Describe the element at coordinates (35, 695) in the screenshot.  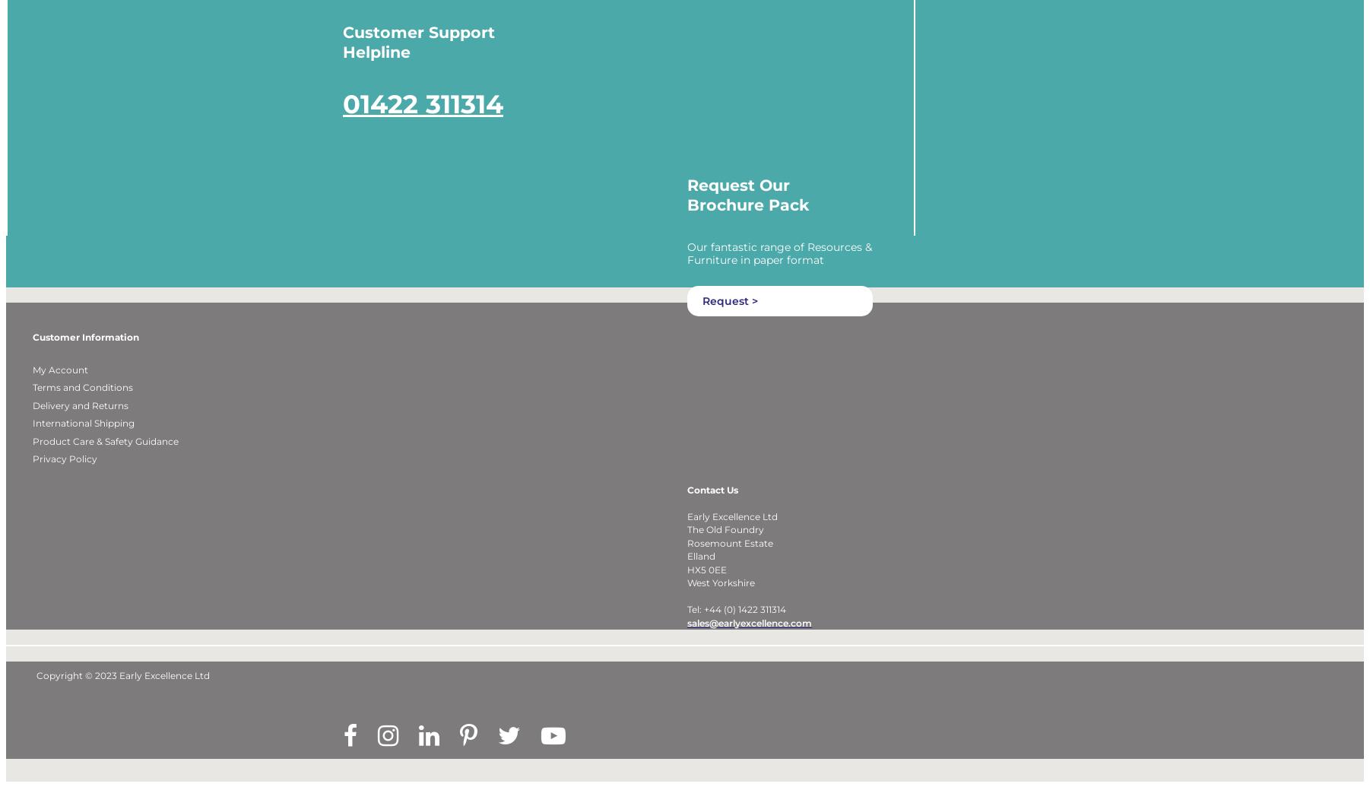
I see `'Copyright © 2023 Early Excellence Ltd'` at that location.